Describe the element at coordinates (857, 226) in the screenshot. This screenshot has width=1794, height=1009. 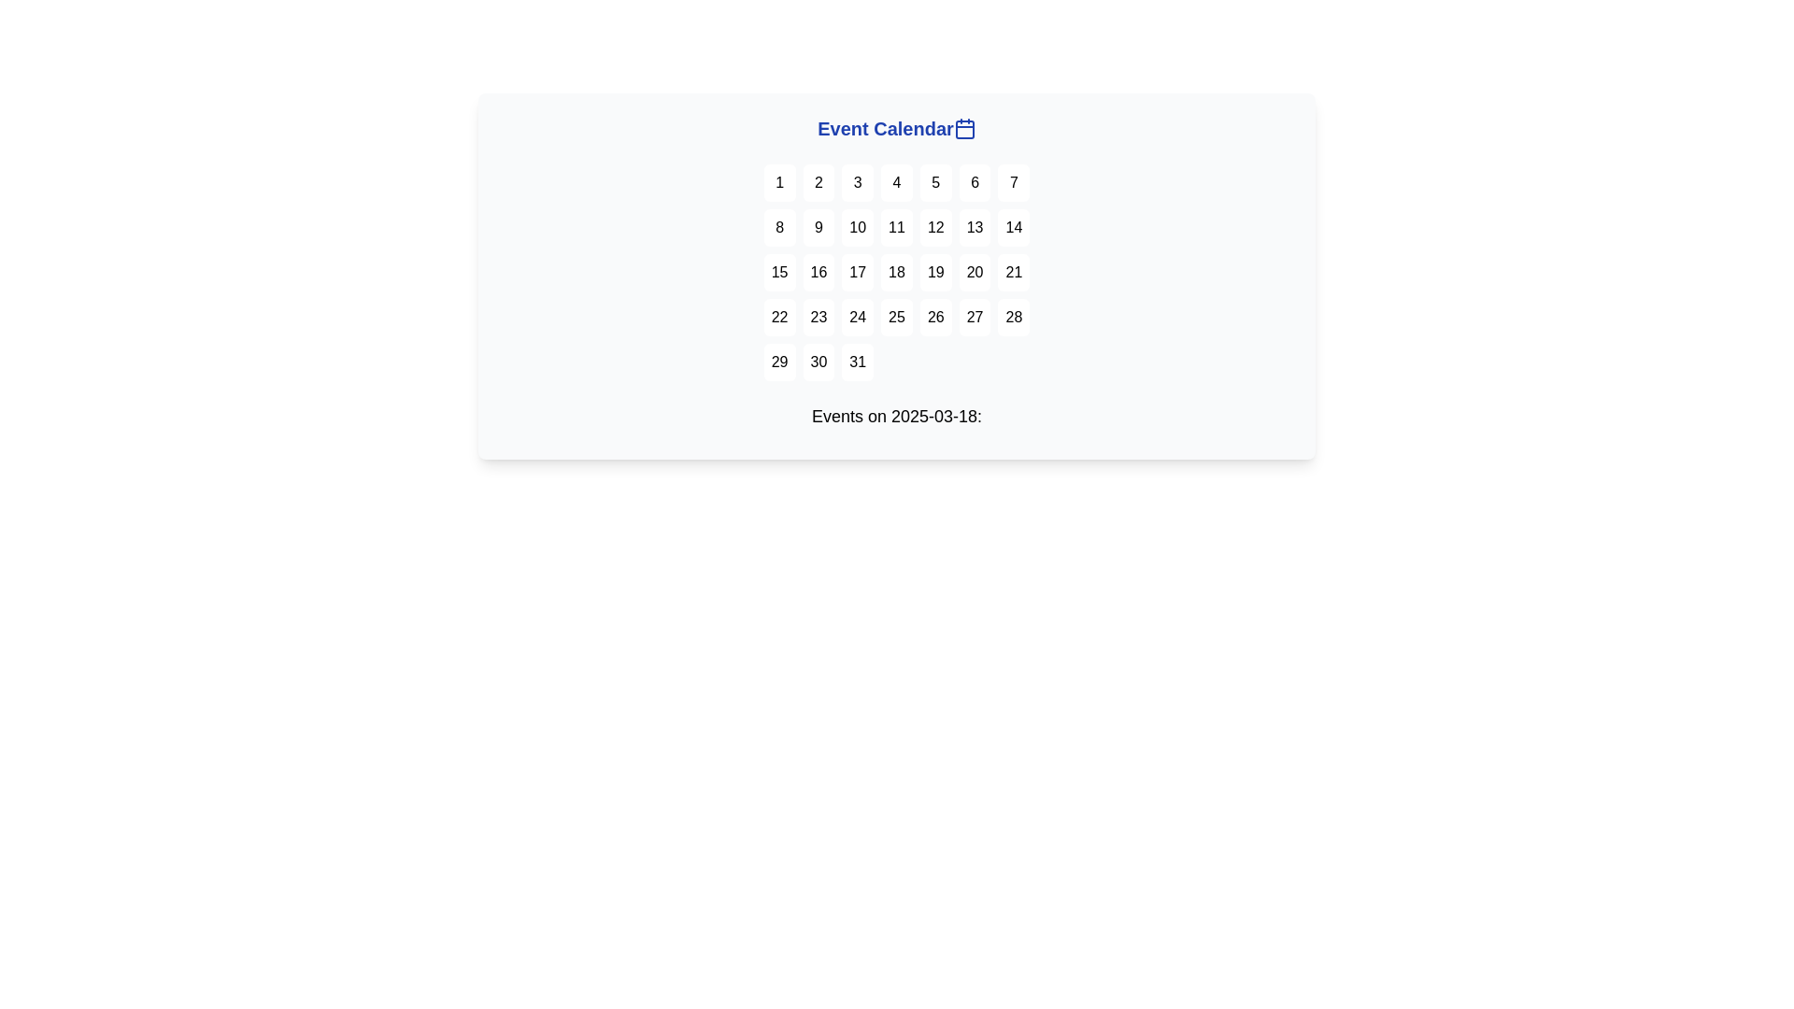
I see `the square button displaying the number '10' located in the second row and third column of the 'Event Calendar' section for keyboard interaction` at that location.